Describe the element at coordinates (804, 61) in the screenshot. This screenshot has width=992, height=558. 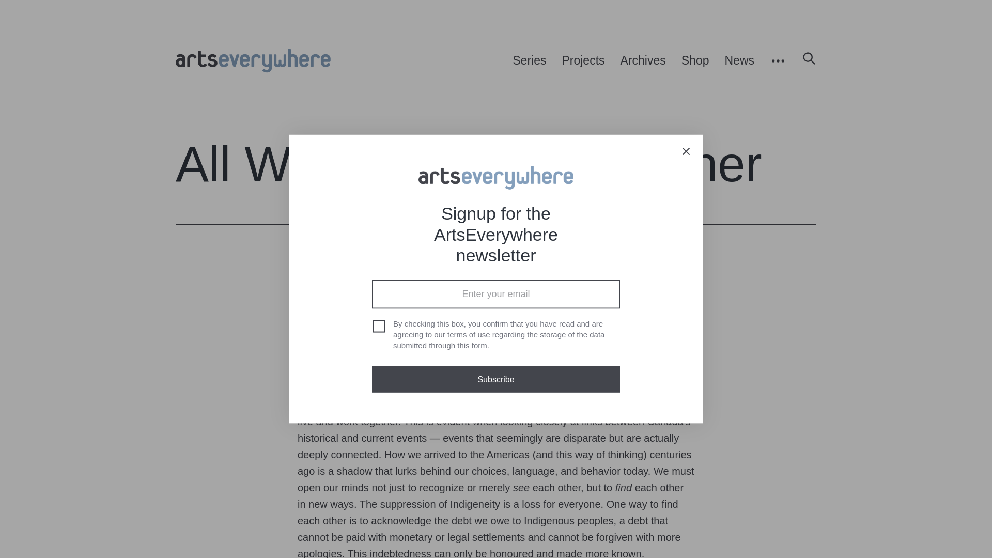
I see `'Search'` at that location.